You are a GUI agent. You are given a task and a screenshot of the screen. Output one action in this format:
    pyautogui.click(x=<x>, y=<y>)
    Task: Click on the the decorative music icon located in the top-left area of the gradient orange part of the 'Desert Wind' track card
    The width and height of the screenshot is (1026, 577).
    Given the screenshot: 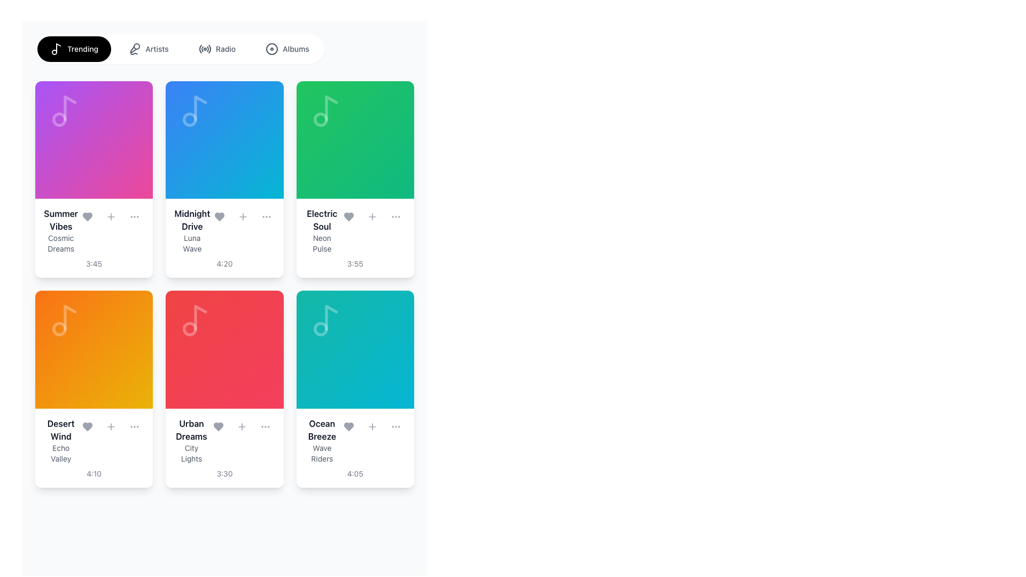 What is the action you would take?
    pyautogui.click(x=64, y=320)
    